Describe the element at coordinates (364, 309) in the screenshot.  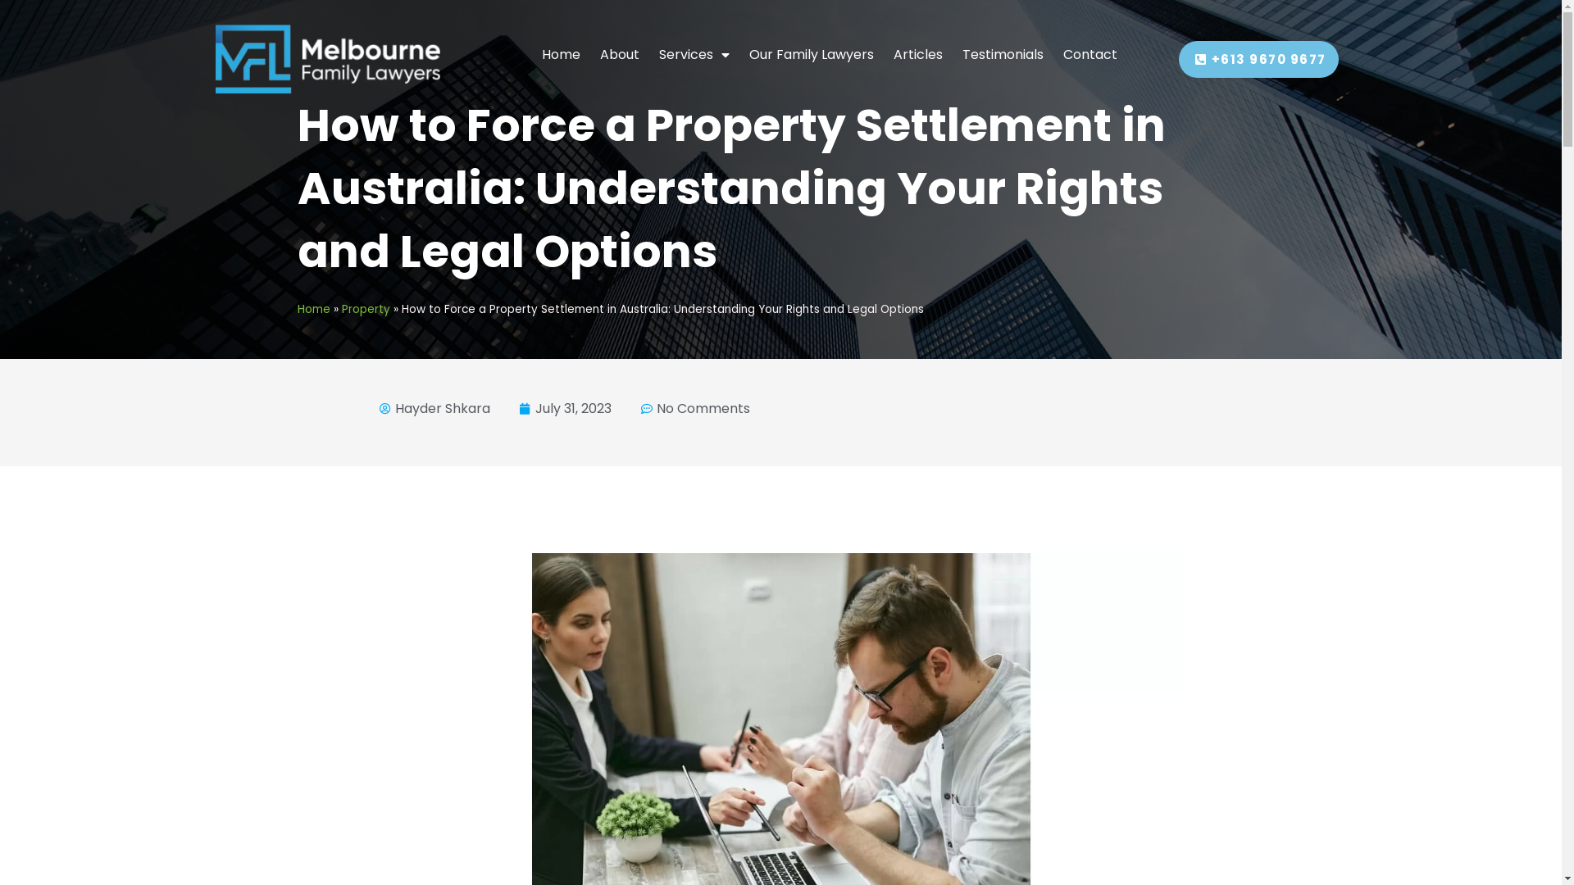
I see `'Property'` at that location.